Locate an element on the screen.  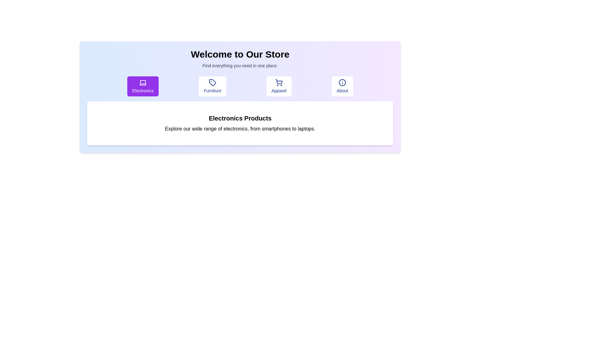
'Furniture' text label, which is styled in a small blue font and located at the bottom of a card under the header 'Welcome to Our Store' is located at coordinates (212, 90).